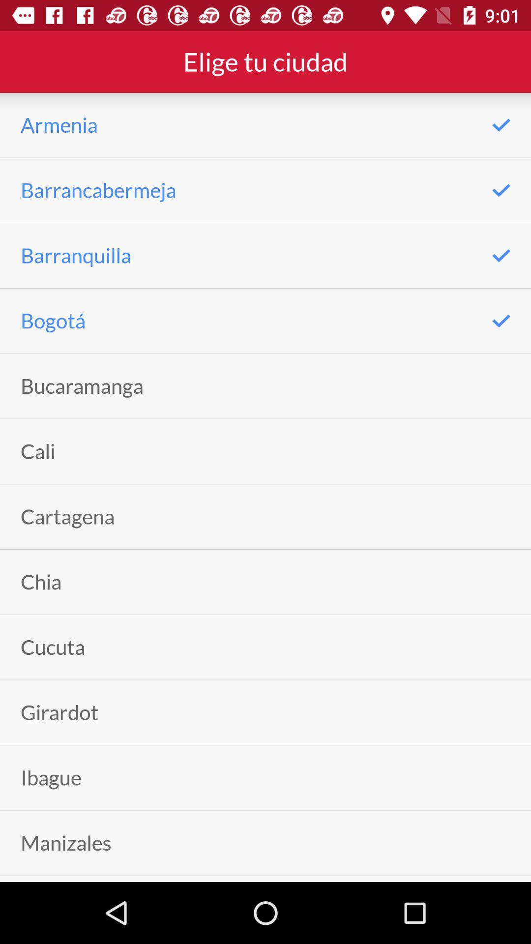 The image size is (531, 944). I want to click on the icon below the cartagena app, so click(40, 582).